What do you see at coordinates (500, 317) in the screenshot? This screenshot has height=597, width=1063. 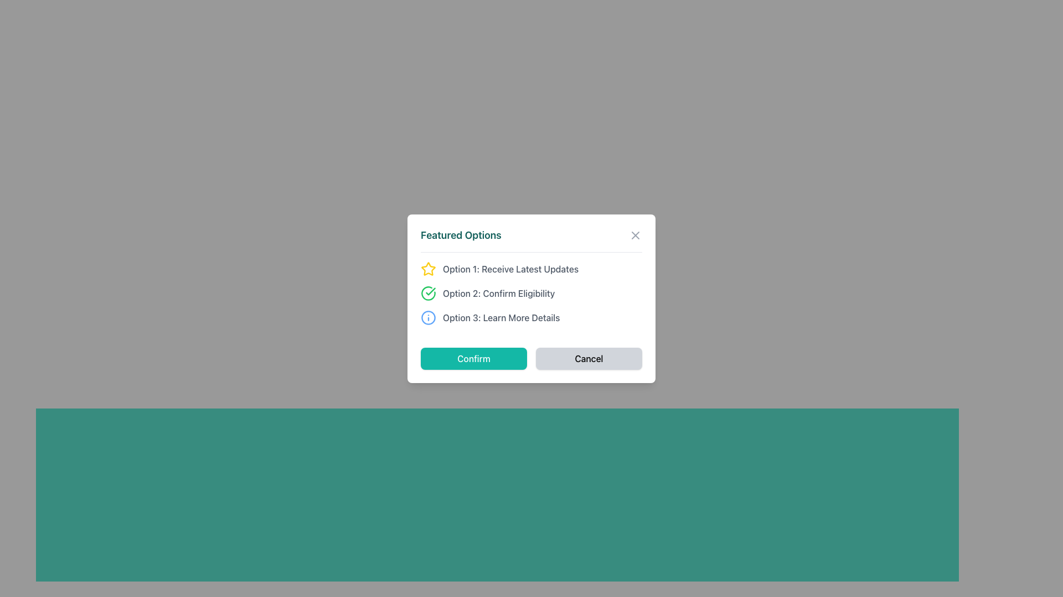 I see `text label that states 'Option 3: Learn More Details' which is styled in gray and is part of the modal dialog titled 'Featured Options'` at bounding box center [500, 317].